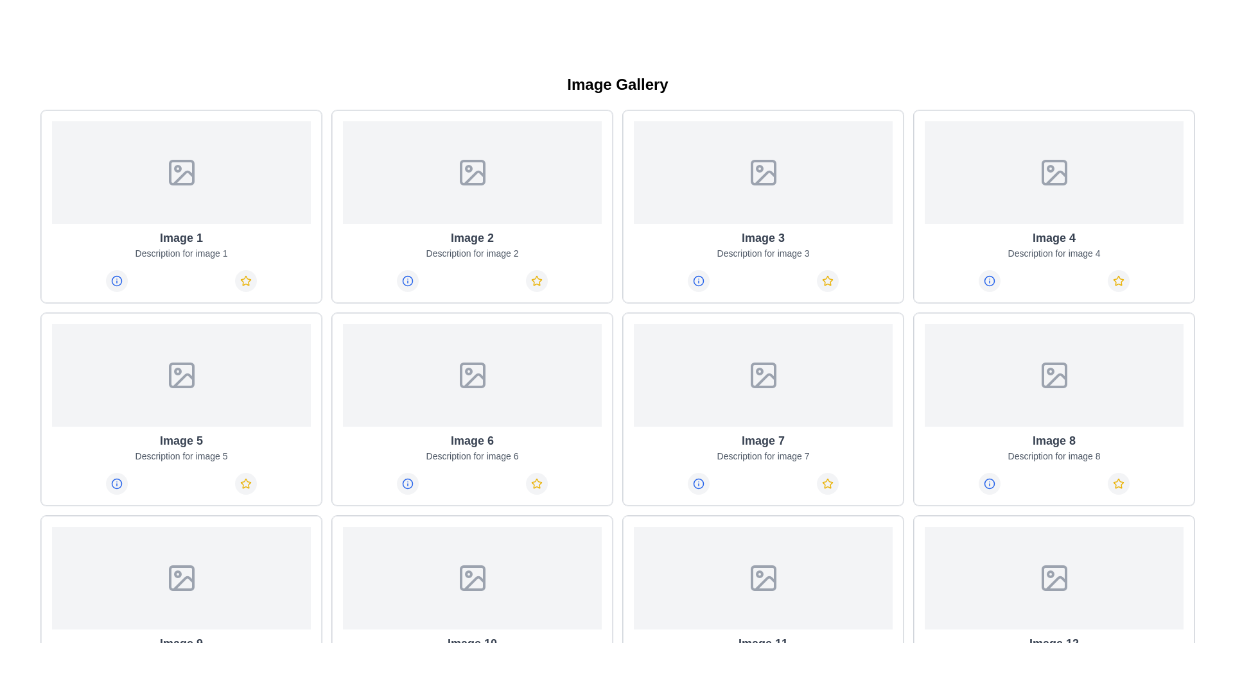  Describe the element at coordinates (1054, 455) in the screenshot. I see `the text label displaying 'Description for image 8', which is styled in a small gray font and positioned below the title 'Image 8' in a rectangular card` at that location.